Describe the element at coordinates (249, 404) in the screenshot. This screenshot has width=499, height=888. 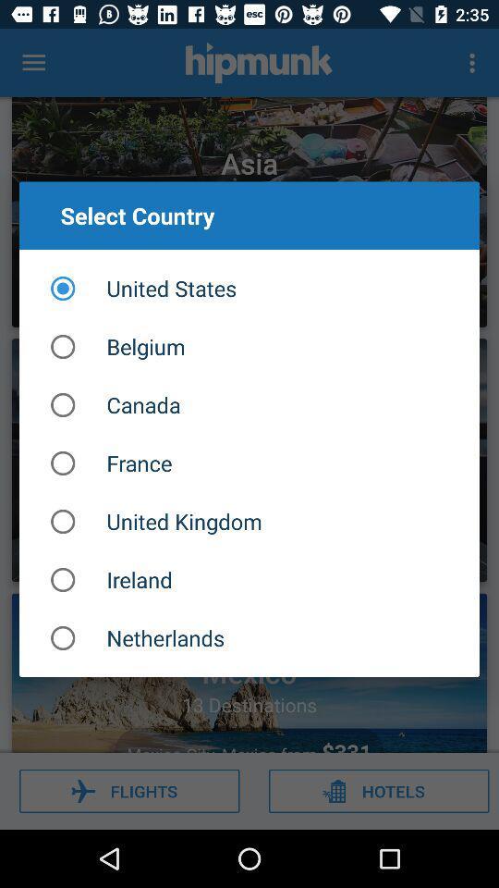
I see `the canada` at that location.